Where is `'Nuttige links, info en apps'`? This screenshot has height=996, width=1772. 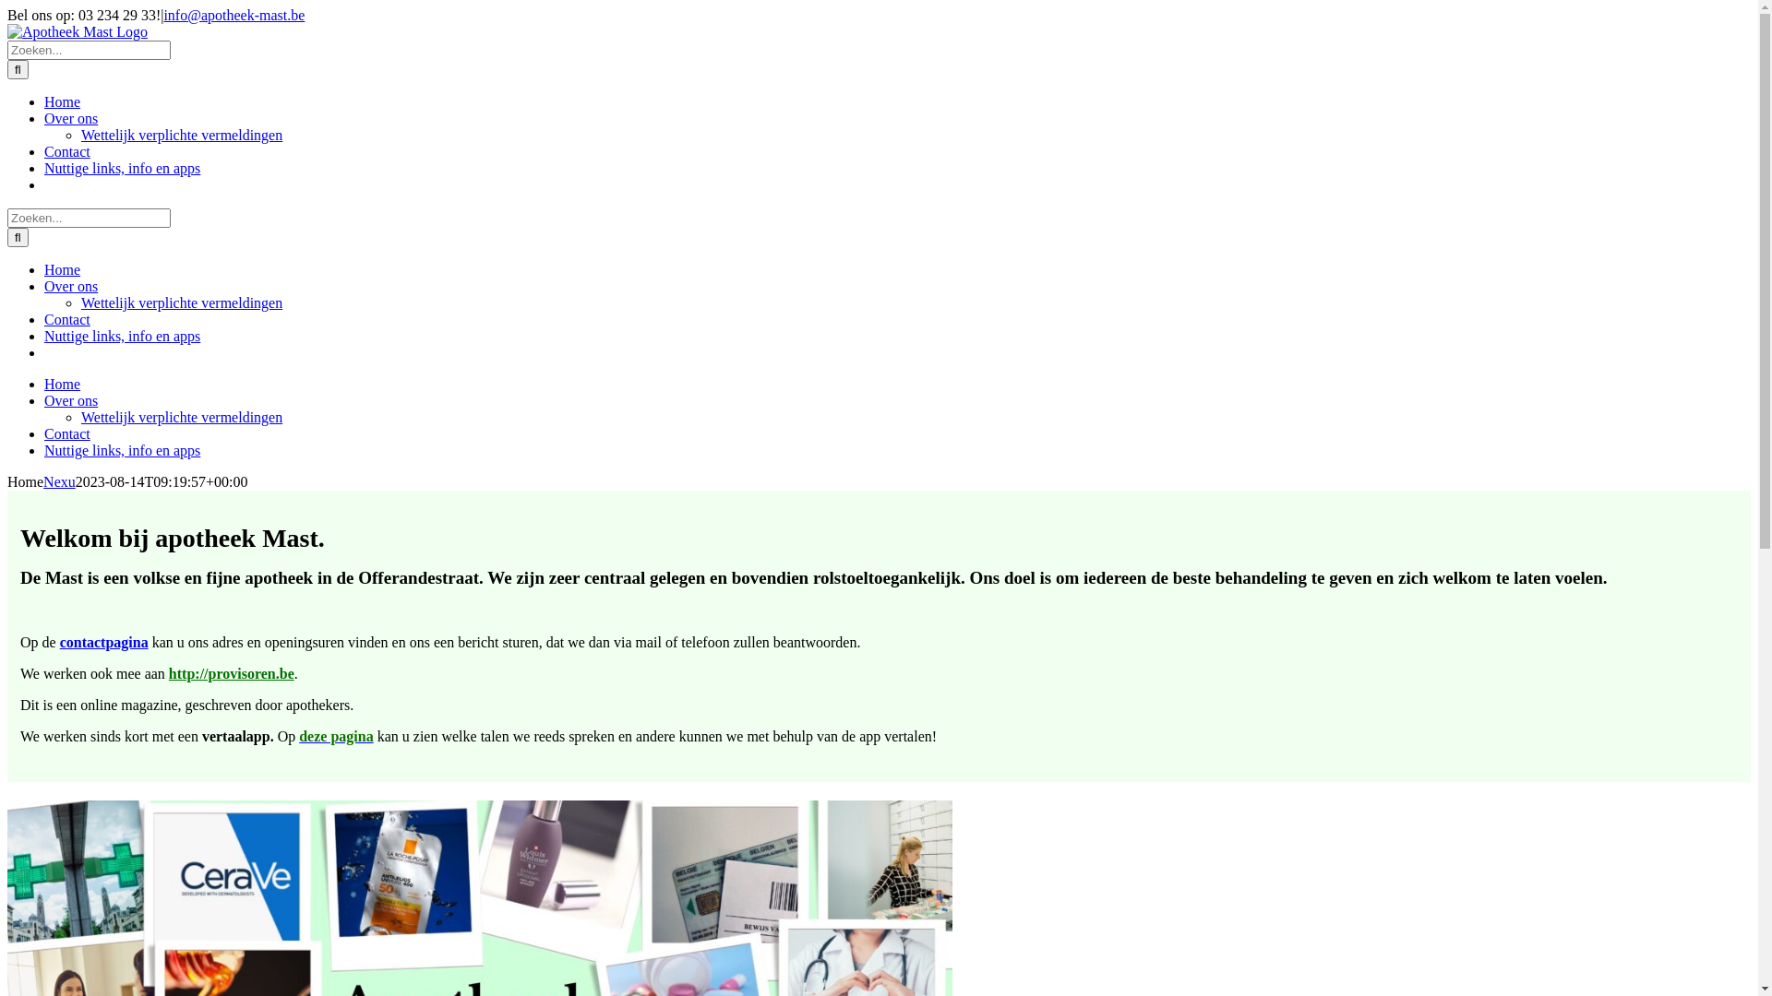
'Nuttige links, info en apps' is located at coordinates (121, 336).